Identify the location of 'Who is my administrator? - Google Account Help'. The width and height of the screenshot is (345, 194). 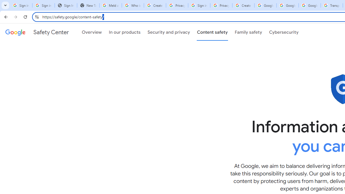
(133, 5).